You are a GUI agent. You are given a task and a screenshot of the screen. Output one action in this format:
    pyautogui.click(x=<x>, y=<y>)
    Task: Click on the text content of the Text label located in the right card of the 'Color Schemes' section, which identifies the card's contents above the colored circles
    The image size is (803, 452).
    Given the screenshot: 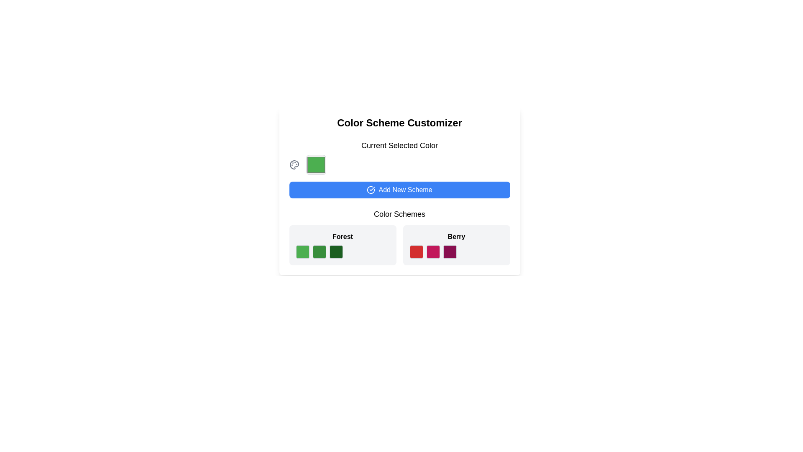 What is the action you would take?
    pyautogui.click(x=456, y=237)
    